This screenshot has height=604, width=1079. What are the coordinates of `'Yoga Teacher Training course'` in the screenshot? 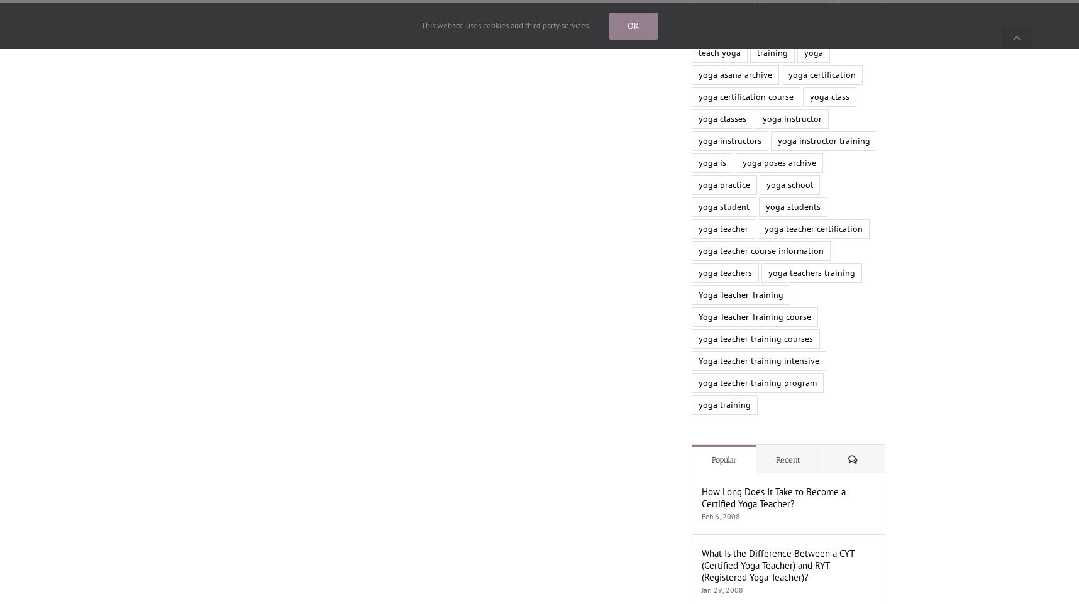 It's located at (755, 317).